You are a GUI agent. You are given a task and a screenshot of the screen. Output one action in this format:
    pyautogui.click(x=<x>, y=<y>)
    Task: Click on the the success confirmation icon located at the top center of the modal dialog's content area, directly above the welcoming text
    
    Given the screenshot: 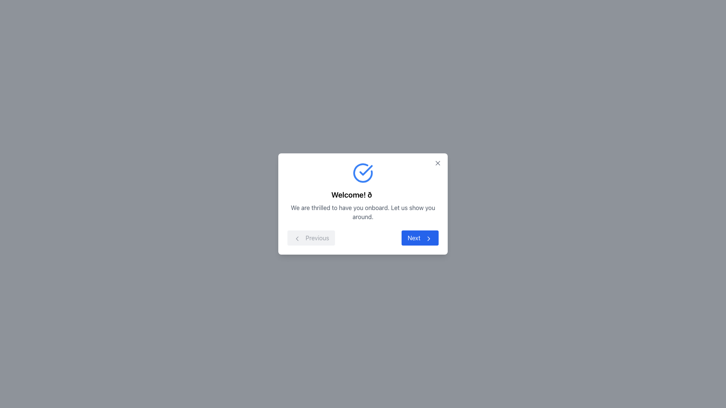 What is the action you would take?
    pyautogui.click(x=363, y=173)
    